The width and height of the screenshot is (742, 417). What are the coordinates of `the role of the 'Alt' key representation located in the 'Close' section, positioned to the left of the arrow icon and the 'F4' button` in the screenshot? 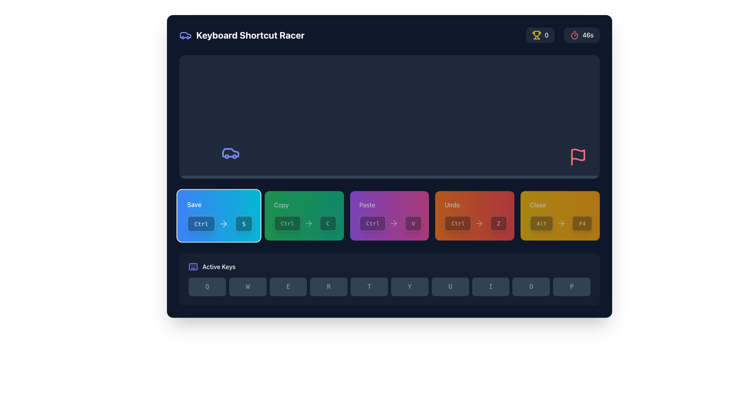 It's located at (549, 223).